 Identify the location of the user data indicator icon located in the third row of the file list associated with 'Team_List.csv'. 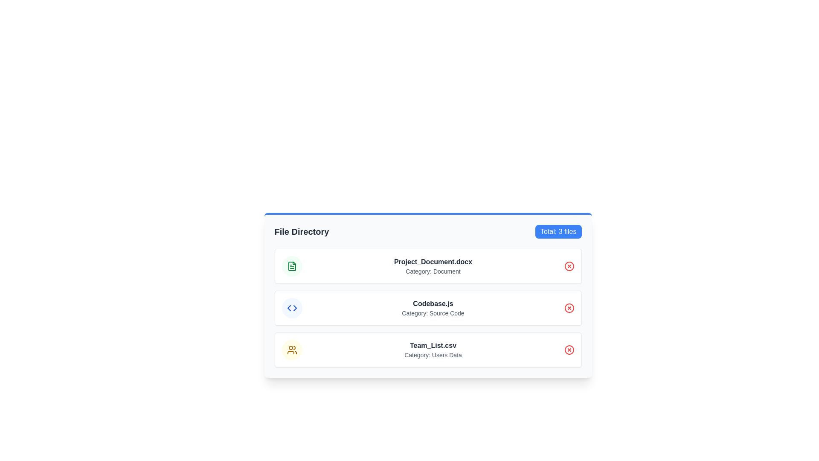
(292, 350).